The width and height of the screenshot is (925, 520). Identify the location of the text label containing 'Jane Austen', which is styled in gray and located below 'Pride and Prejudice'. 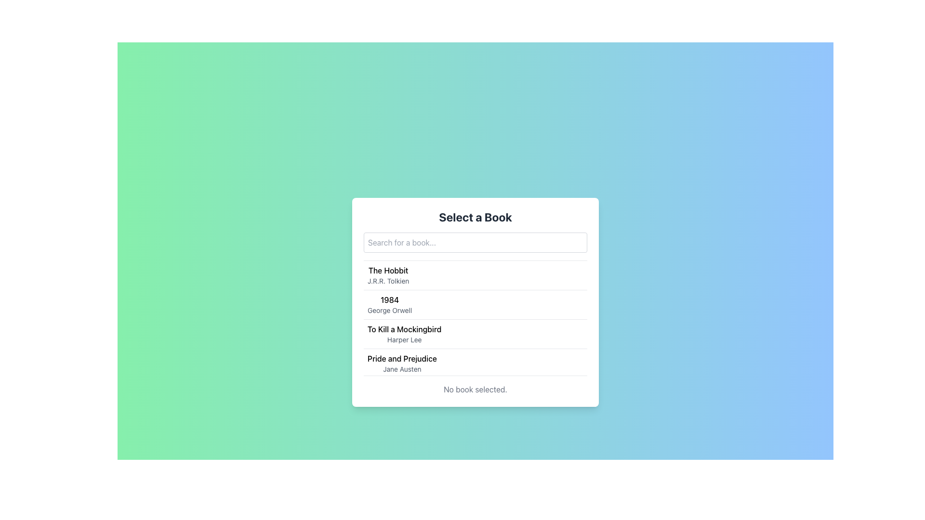
(402, 369).